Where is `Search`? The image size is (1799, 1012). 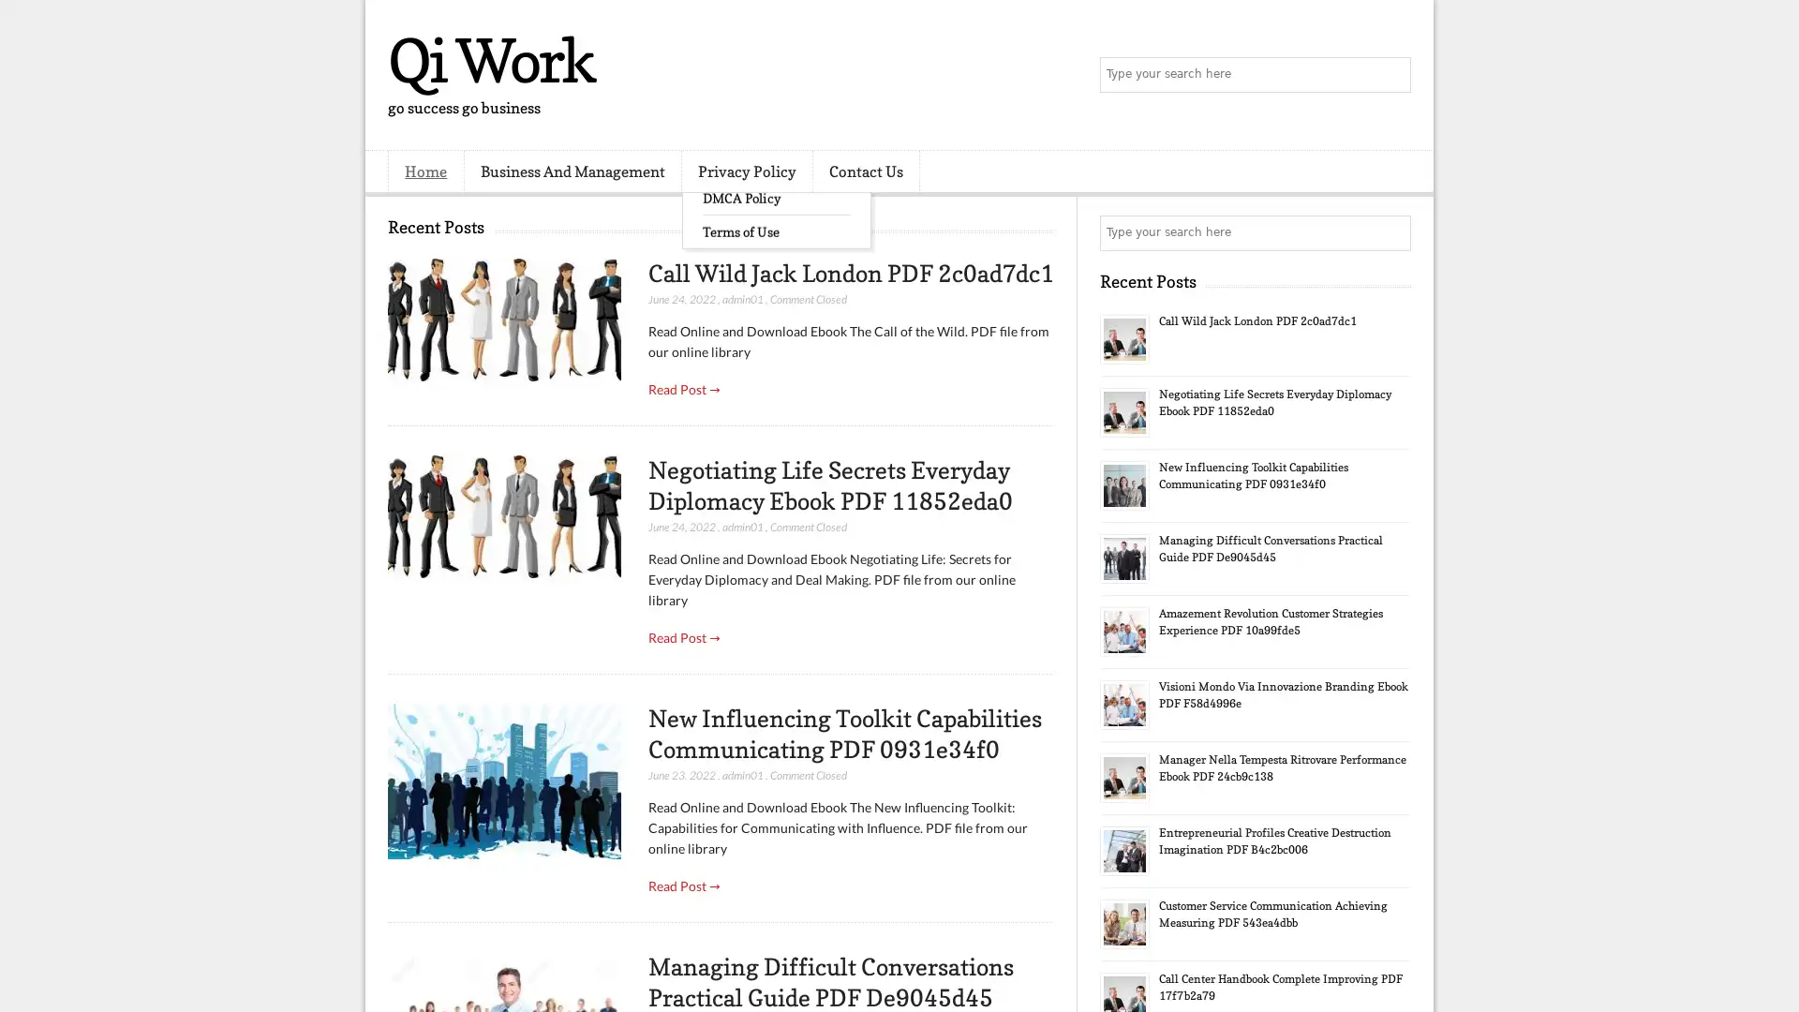 Search is located at coordinates (1391, 232).